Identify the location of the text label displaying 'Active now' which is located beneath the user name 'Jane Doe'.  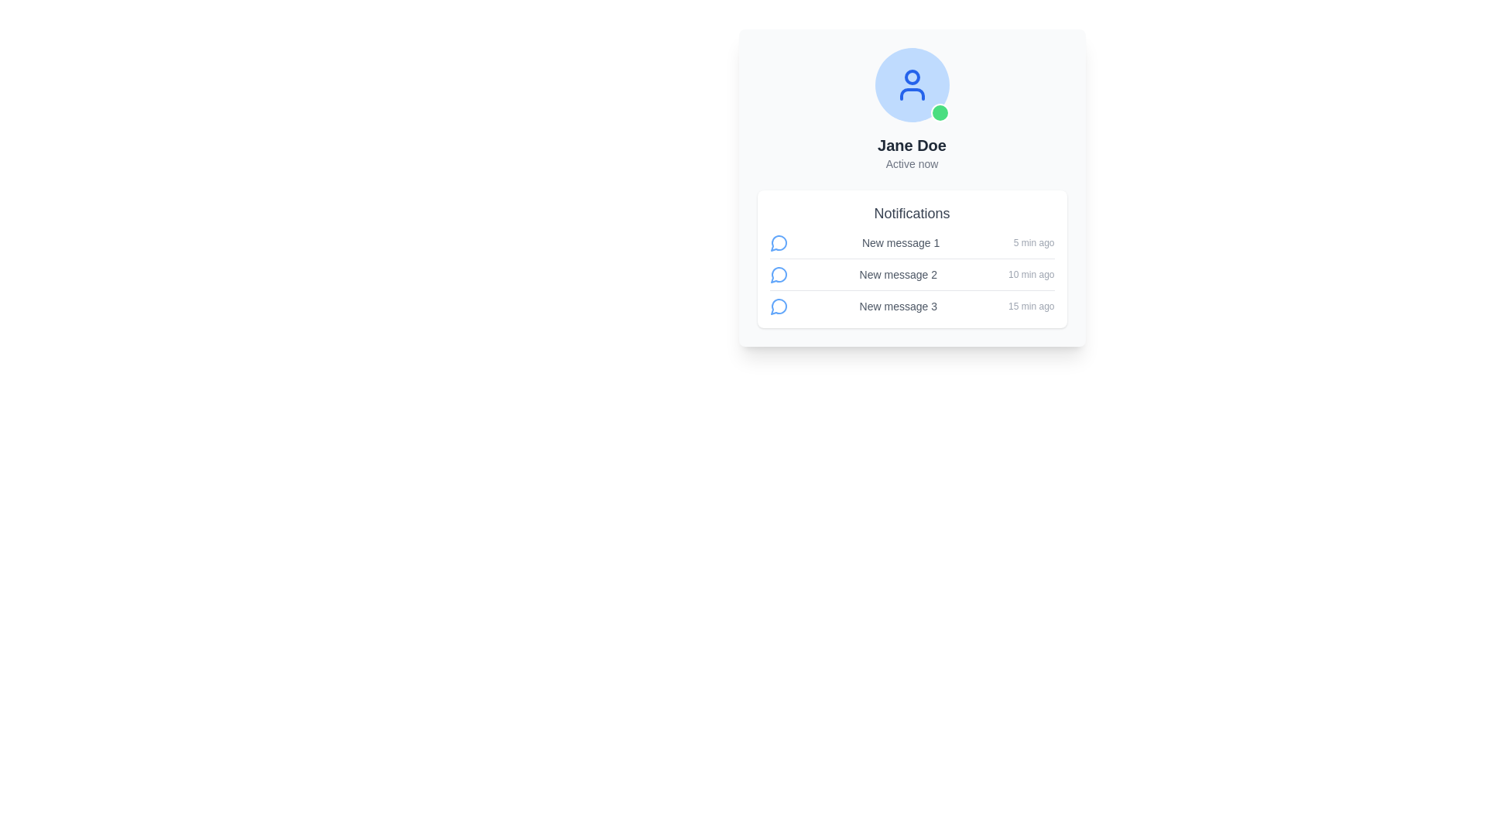
(912, 164).